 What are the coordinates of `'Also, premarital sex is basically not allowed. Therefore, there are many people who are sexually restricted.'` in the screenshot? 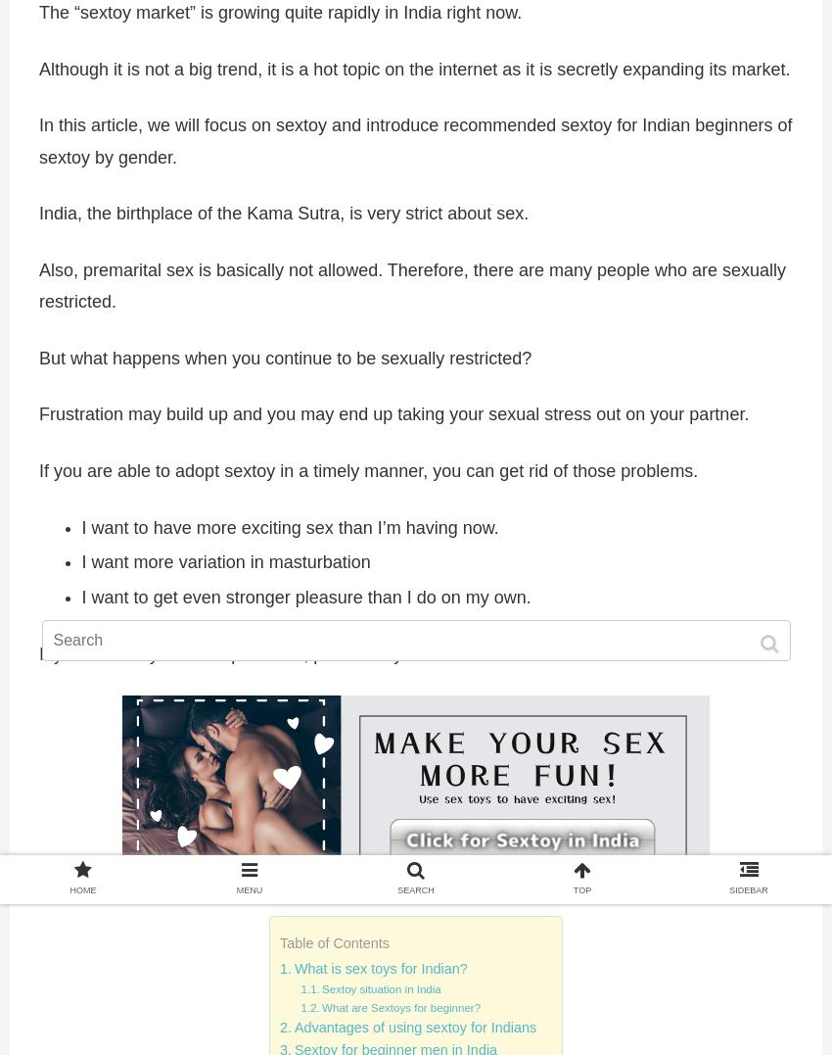 It's located at (412, 285).